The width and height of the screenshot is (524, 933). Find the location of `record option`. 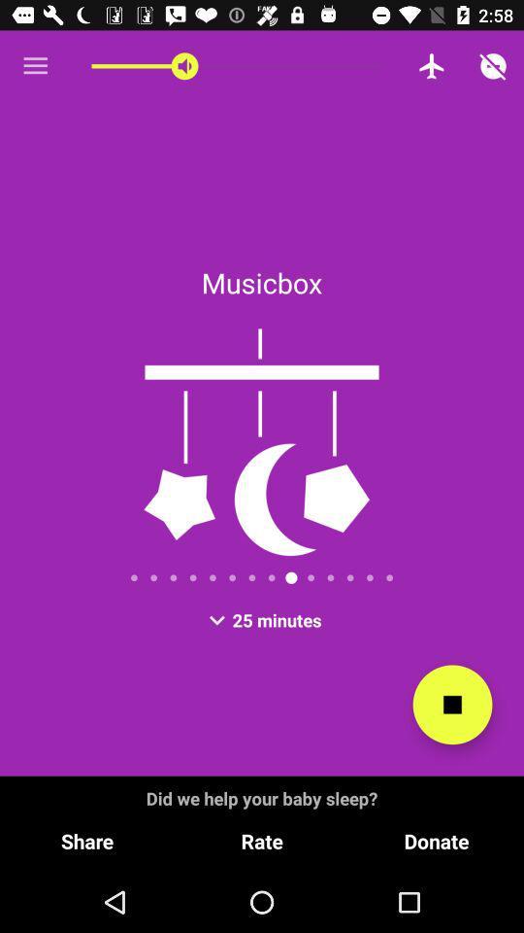

record option is located at coordinates (452, 704).